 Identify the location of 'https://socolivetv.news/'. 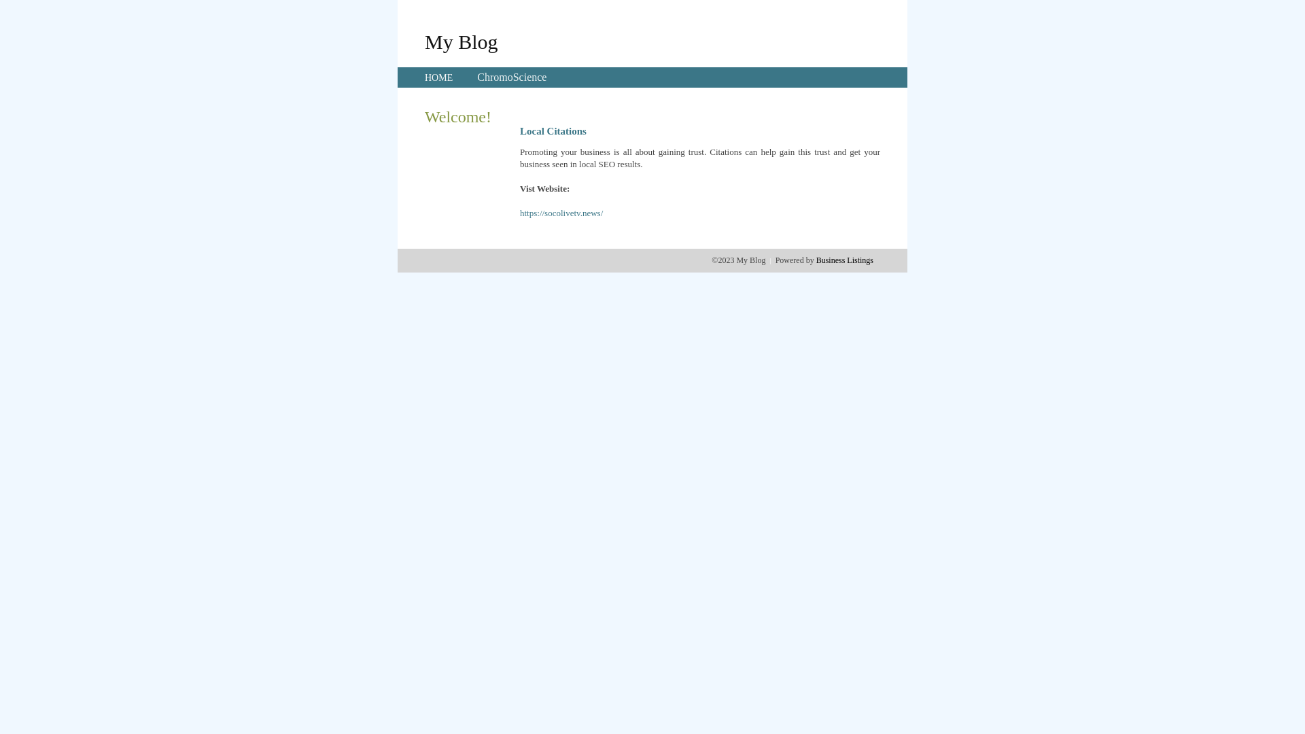
(561, 213).